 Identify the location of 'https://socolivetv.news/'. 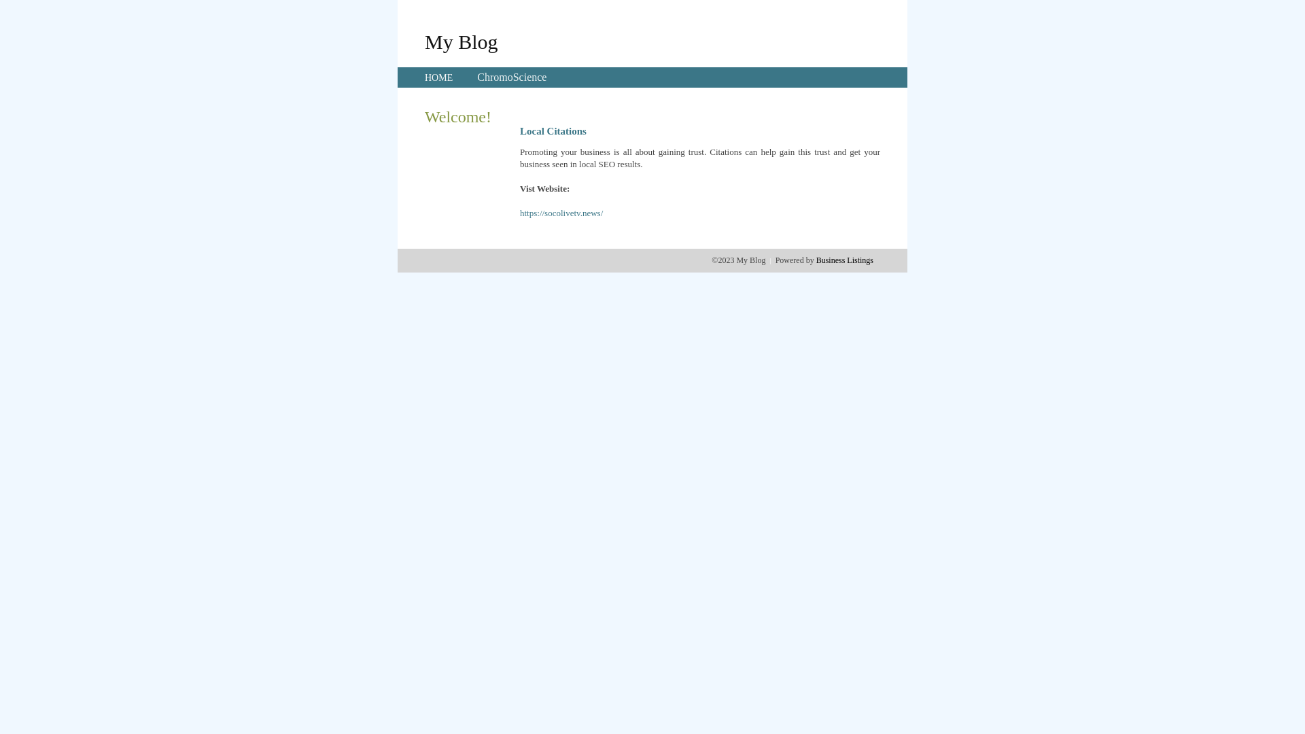
(561, 213).